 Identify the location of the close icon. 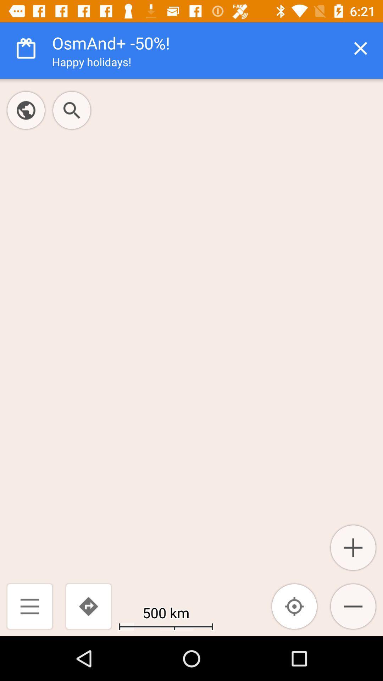
(361, 48).